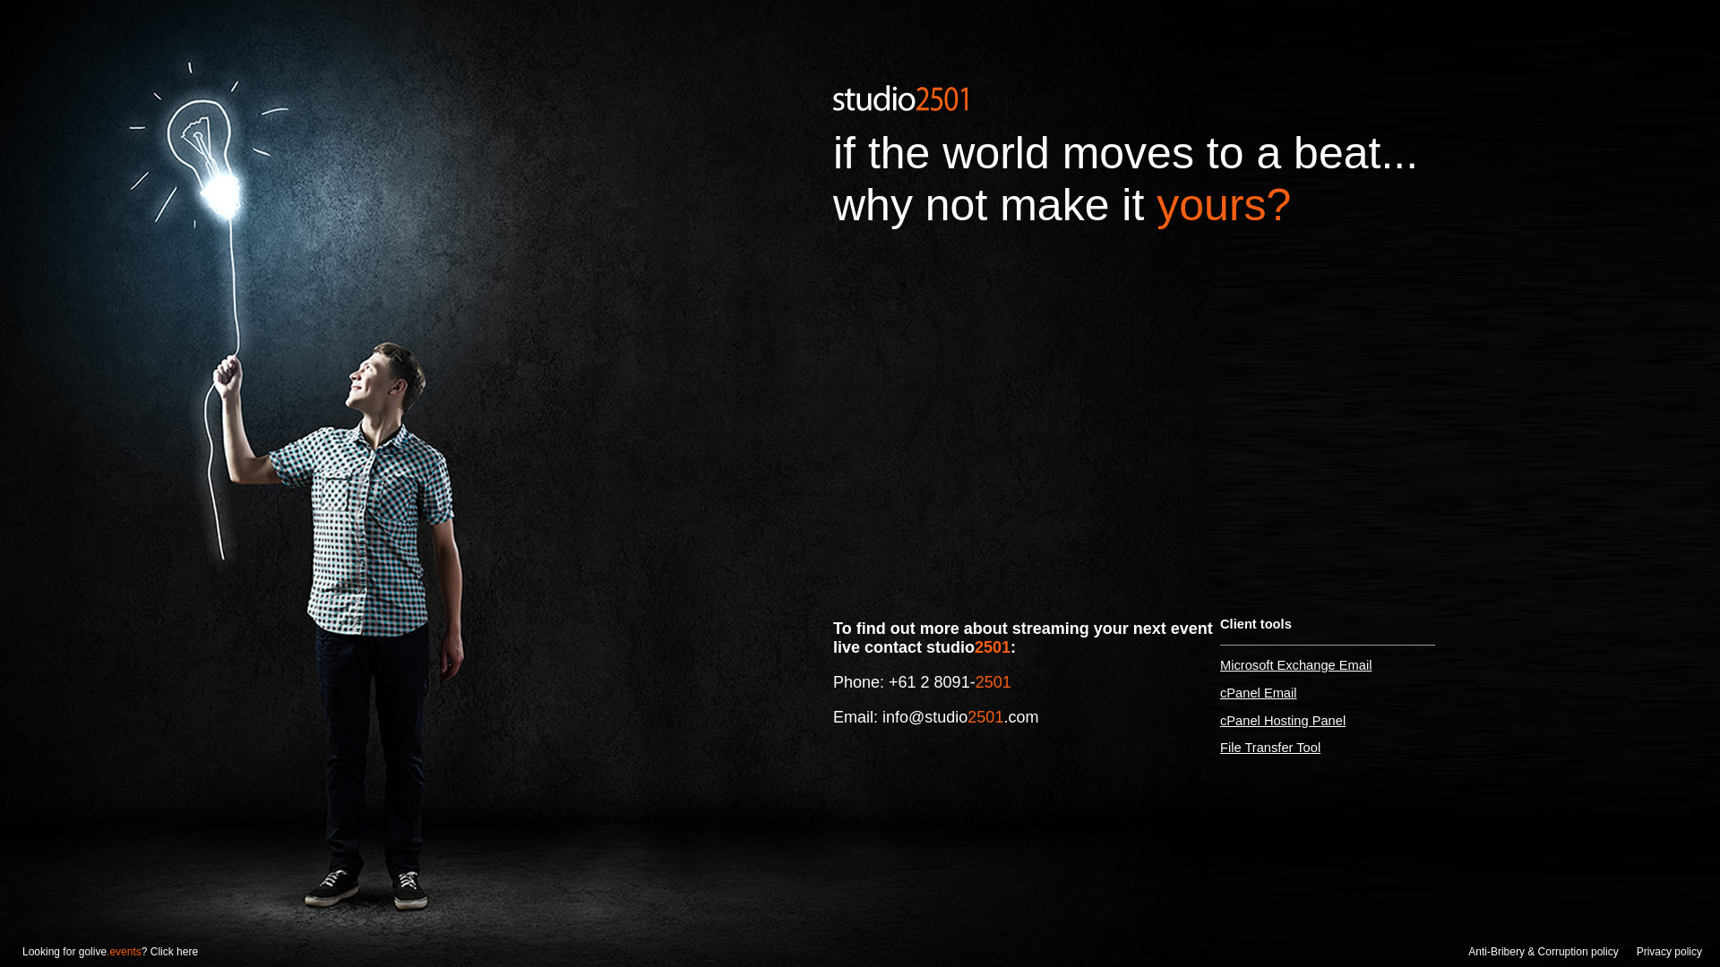  Describe the element at coordinates (1281, 720) in the screenshot. I see `'cPanel Hosting Panel'` at that location.